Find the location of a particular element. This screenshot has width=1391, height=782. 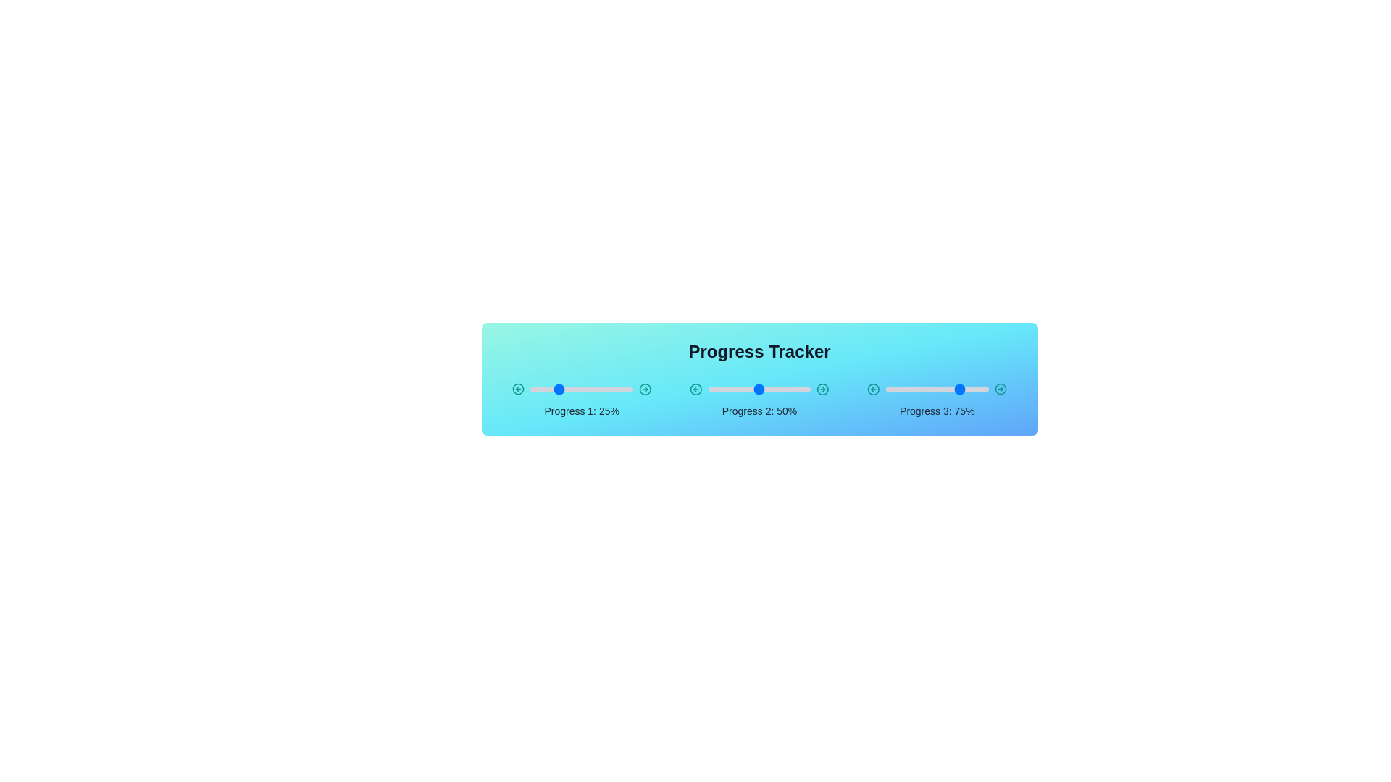

the right arrow of the slider for Progress 1 is located at coordinates (644, 388).